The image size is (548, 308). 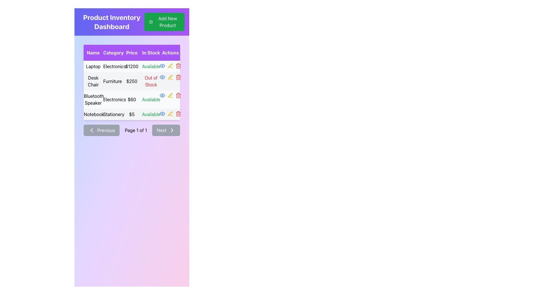 What do you see at coordinates (178, 95) in the screenshot?
I see `the delete icon button in the Actions column of the third row` at bounding box center [178, 95].